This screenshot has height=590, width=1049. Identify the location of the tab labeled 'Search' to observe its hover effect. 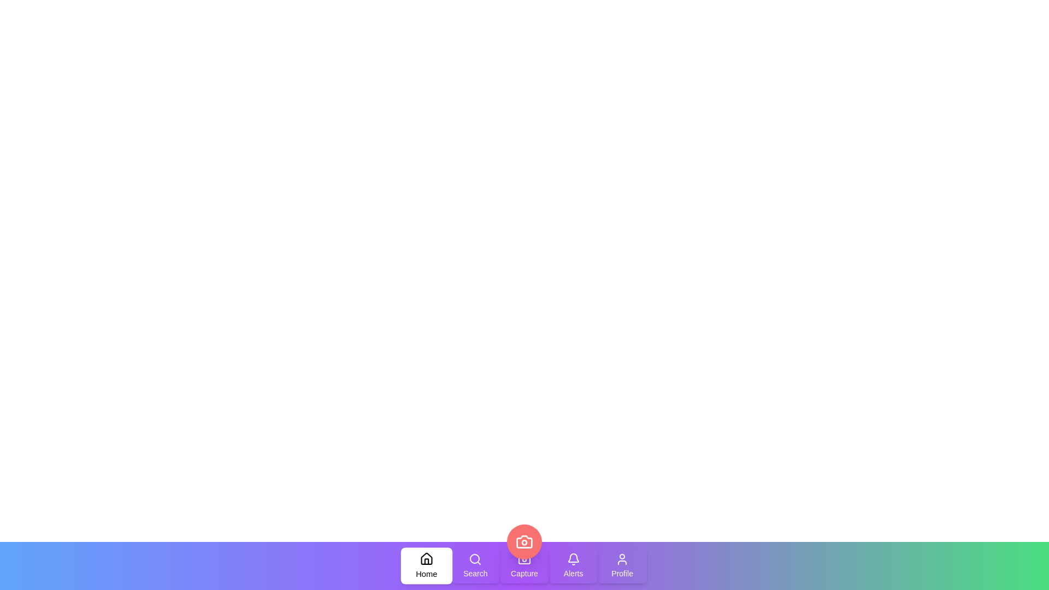
(475, 565).